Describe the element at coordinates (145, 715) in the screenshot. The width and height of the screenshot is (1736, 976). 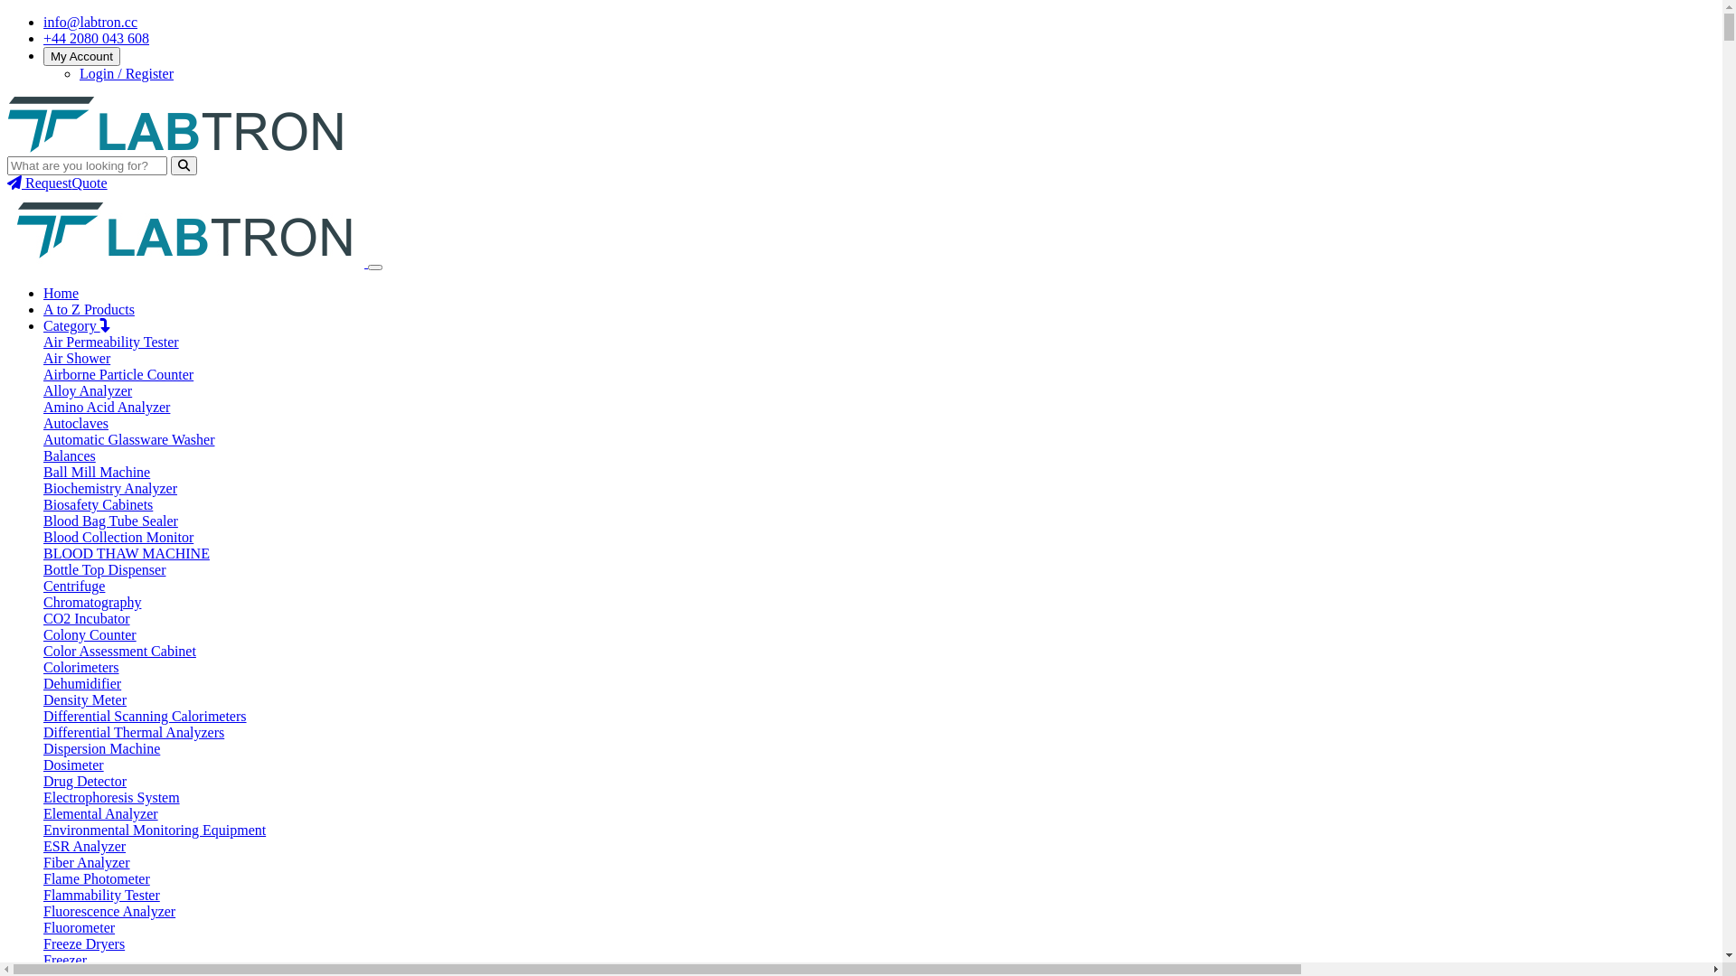
I see `'Differential Scanning Calorimeters'` at that location.